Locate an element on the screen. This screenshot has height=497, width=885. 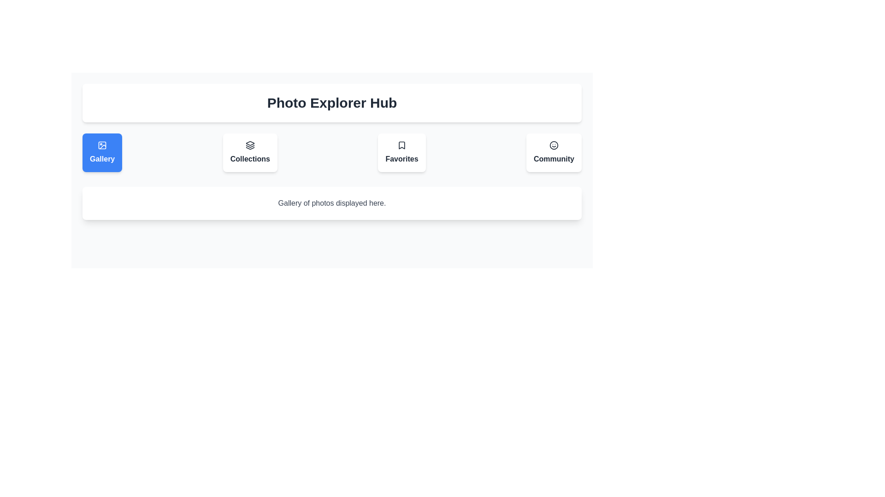
text label displaying 'Gallery' which is bold and located within a dark blue button with rounded corners, positioned below an icon is located at coordinates (102, 159).